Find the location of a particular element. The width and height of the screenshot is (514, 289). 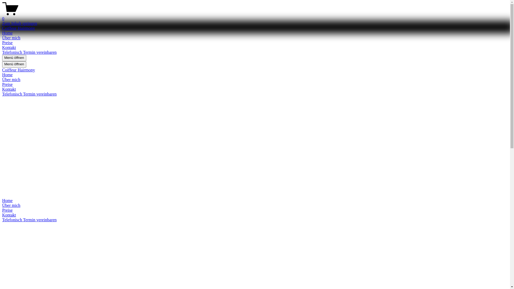

'Preise' is located at coordinates (7, 42).